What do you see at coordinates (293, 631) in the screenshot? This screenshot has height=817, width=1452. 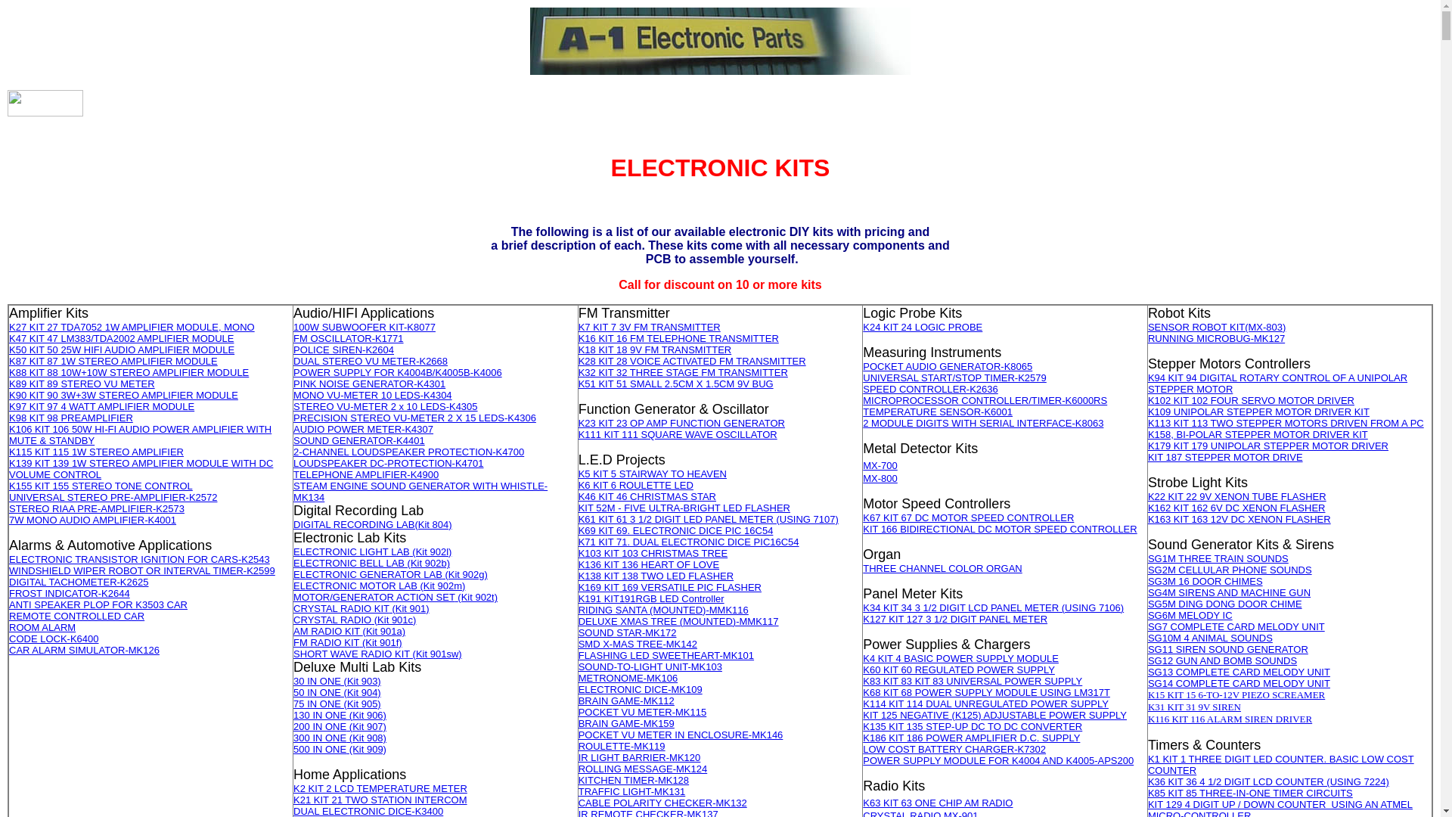 I see `'AM RADIO KIT (Kit 901a)'` at bounding box center [293, 631].